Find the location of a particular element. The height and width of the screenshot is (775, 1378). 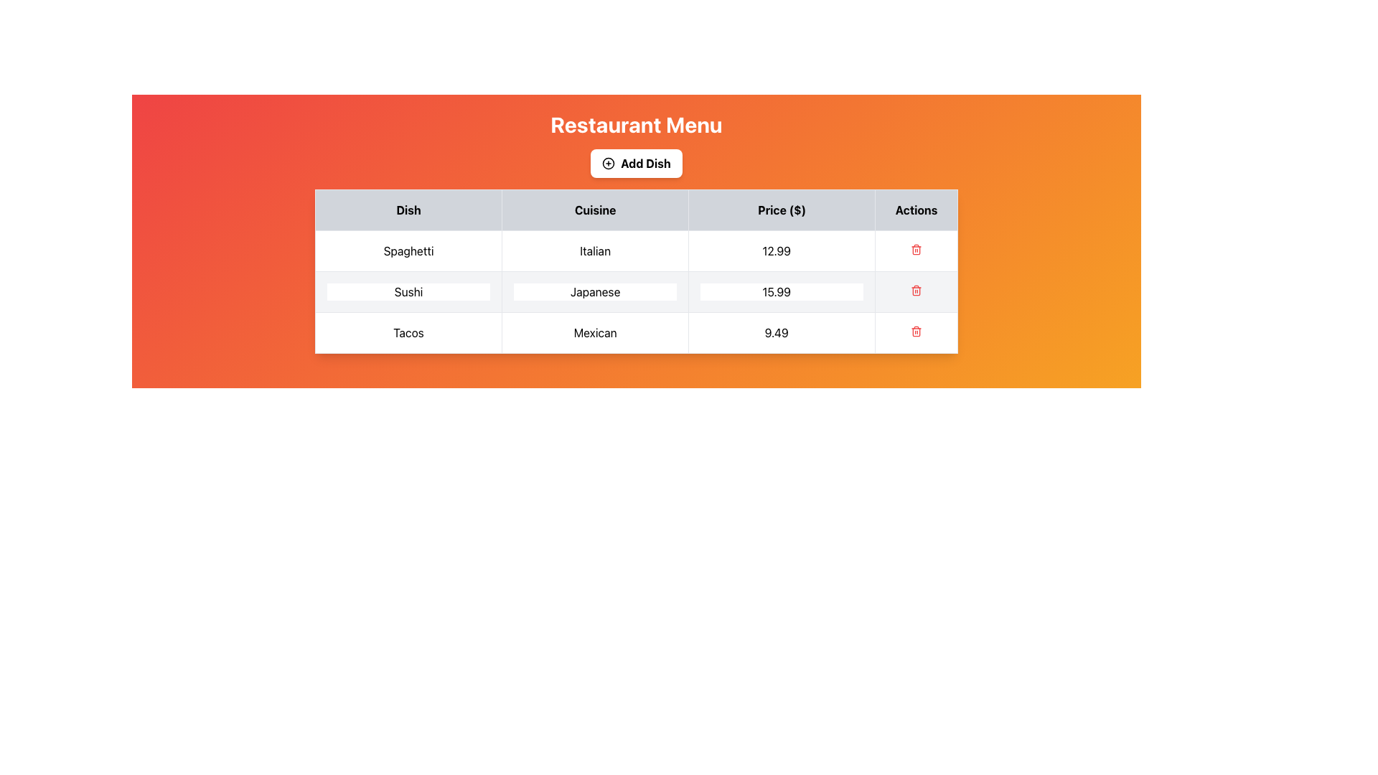

the table cell containing the text 'Spaghetti' is located at coordinates (408, 250).